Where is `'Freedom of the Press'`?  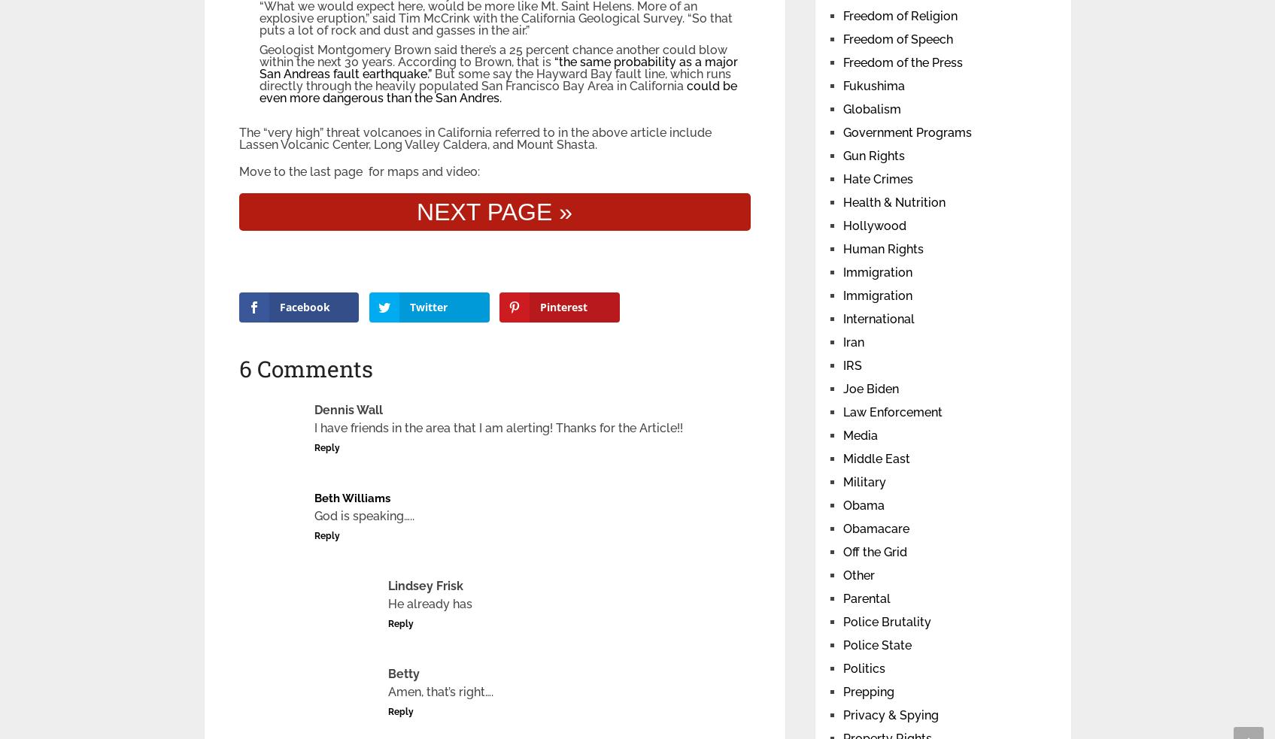
'Freedom of the Press' is located at coordinates (902, 62).